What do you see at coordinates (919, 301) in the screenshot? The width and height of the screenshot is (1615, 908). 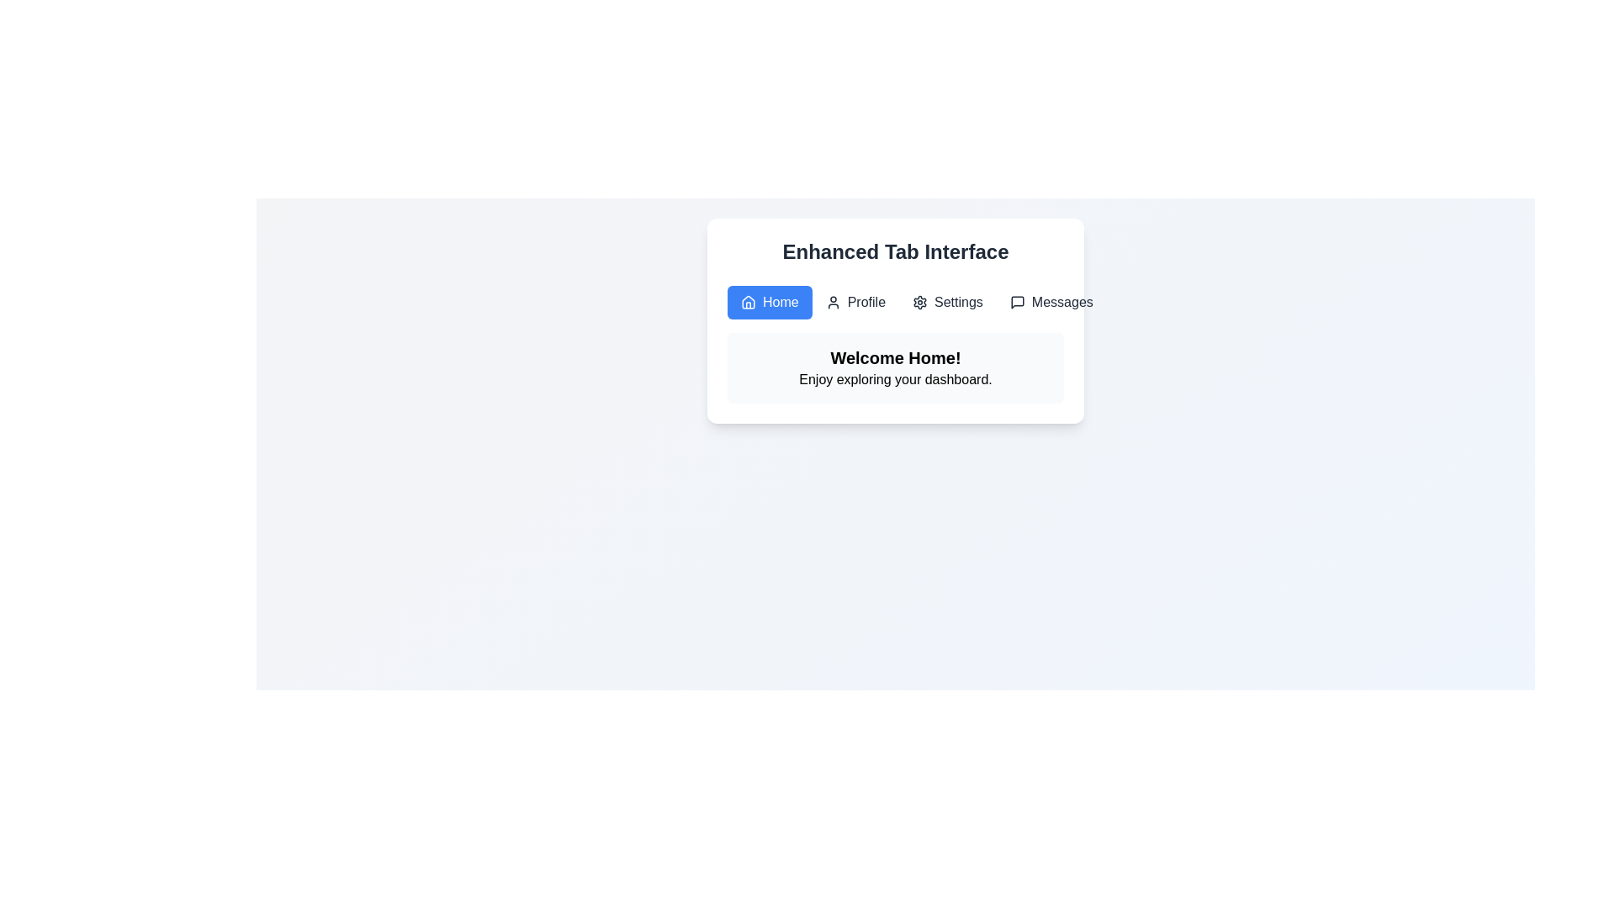 I see `the 'Settings' button located in the navigation bar, which is positioned between the 'Profile' and 'Messages' buttons` at bounding box center [919, 301].